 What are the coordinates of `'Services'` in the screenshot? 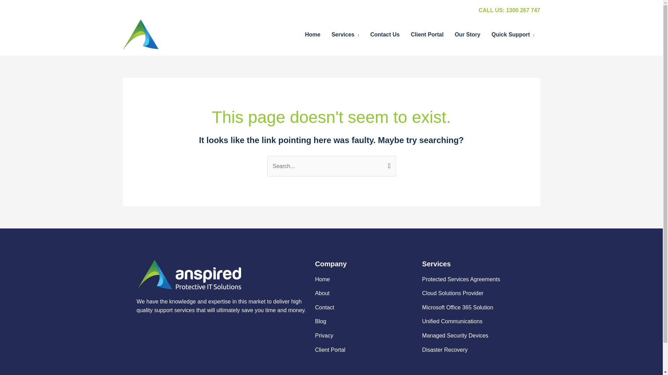 It's located at (325, 35).